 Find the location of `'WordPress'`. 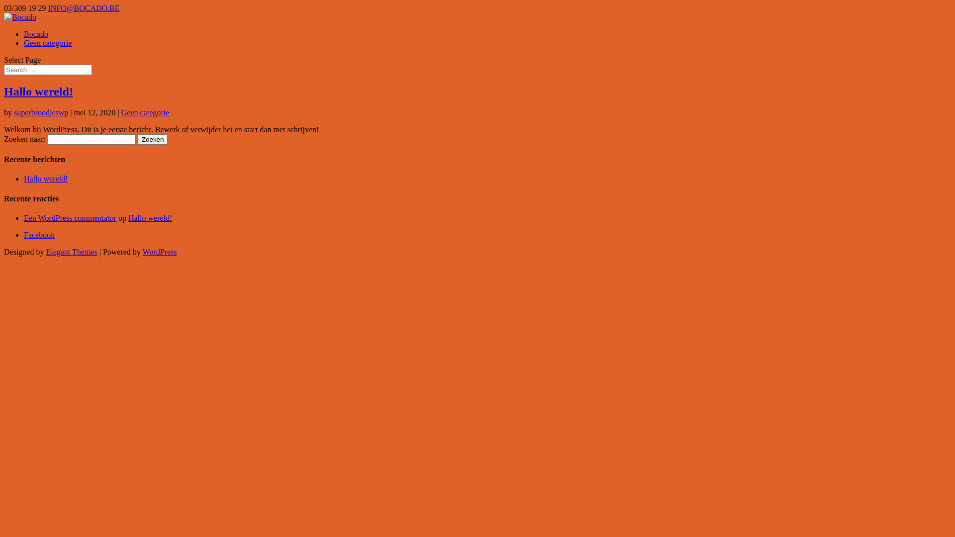

'WordPress' is located at coordinates (160, 251).